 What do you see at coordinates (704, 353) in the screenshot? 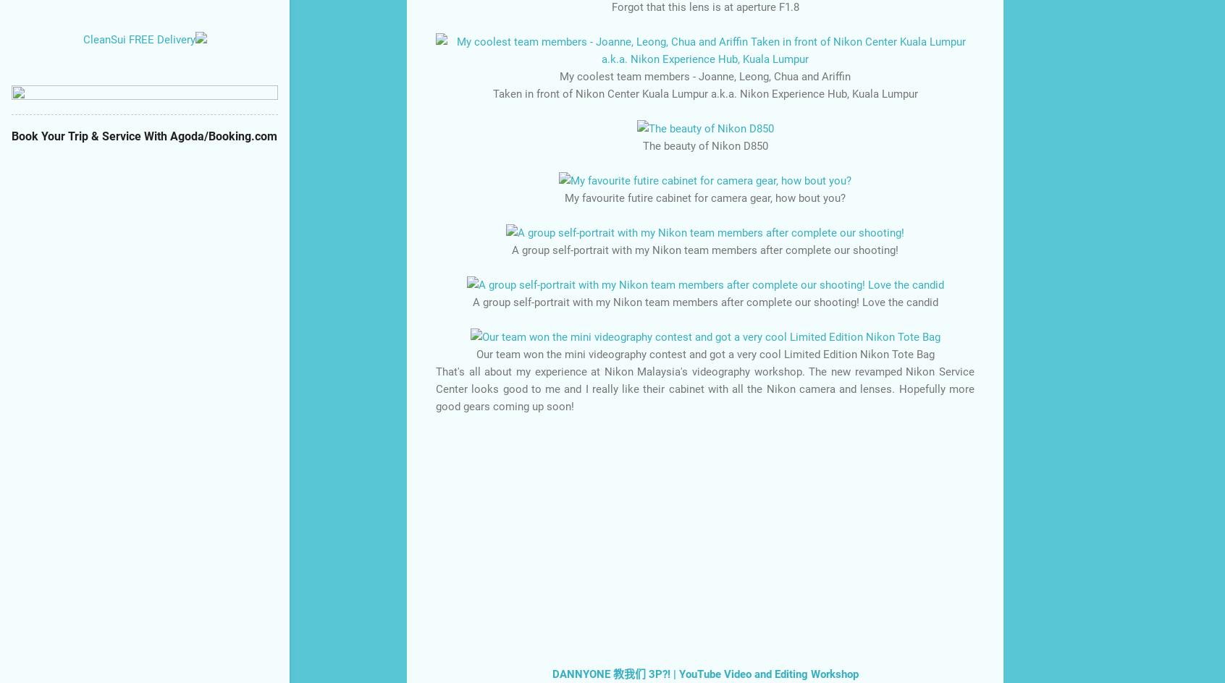
I see `'Our team won the mini videography contest and got a very cool Limited Edition Nikon Tote Bag'` at bounding box center [704, 353].